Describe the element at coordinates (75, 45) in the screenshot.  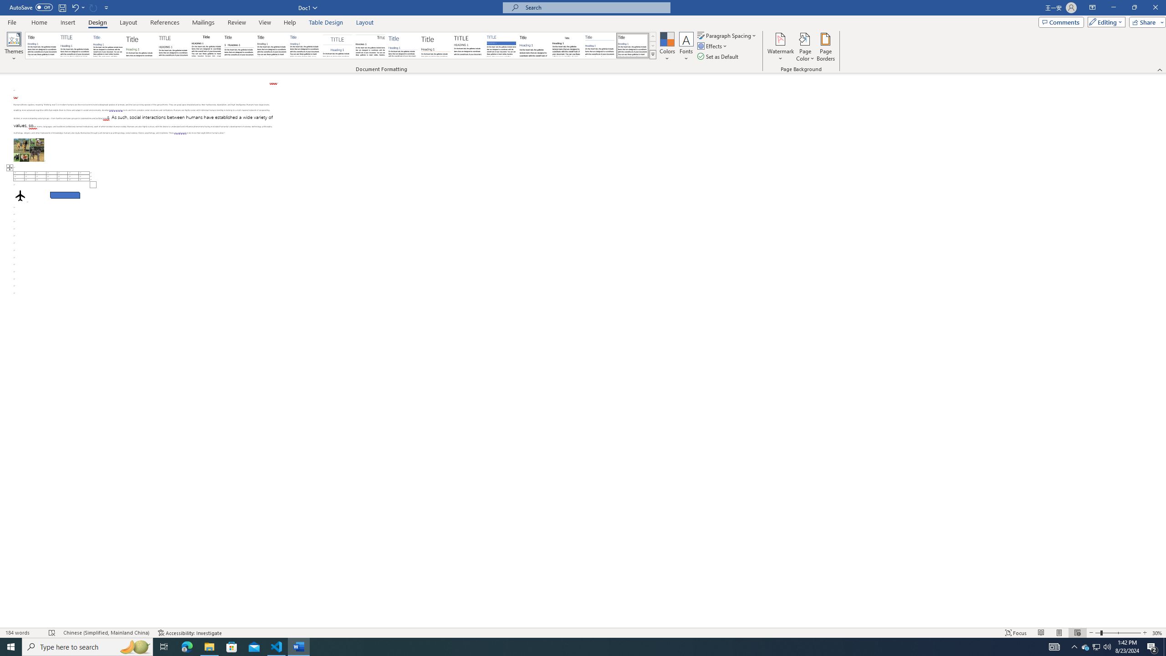
I see `'Basic (Elegant)'` at that location.